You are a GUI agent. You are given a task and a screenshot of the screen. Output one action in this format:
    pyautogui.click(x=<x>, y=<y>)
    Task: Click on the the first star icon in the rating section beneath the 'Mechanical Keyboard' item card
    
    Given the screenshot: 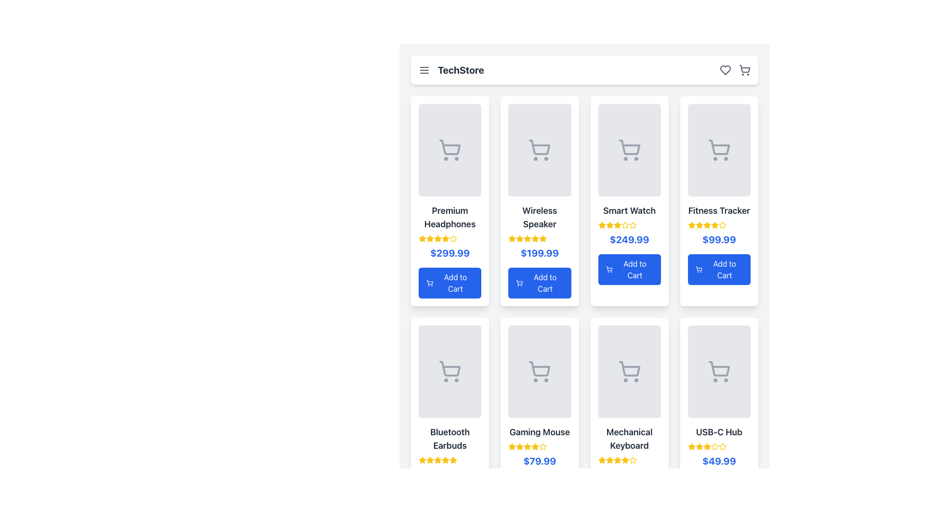 What is the action you would take?
    pyautogui.click(x=601, y=460)
    